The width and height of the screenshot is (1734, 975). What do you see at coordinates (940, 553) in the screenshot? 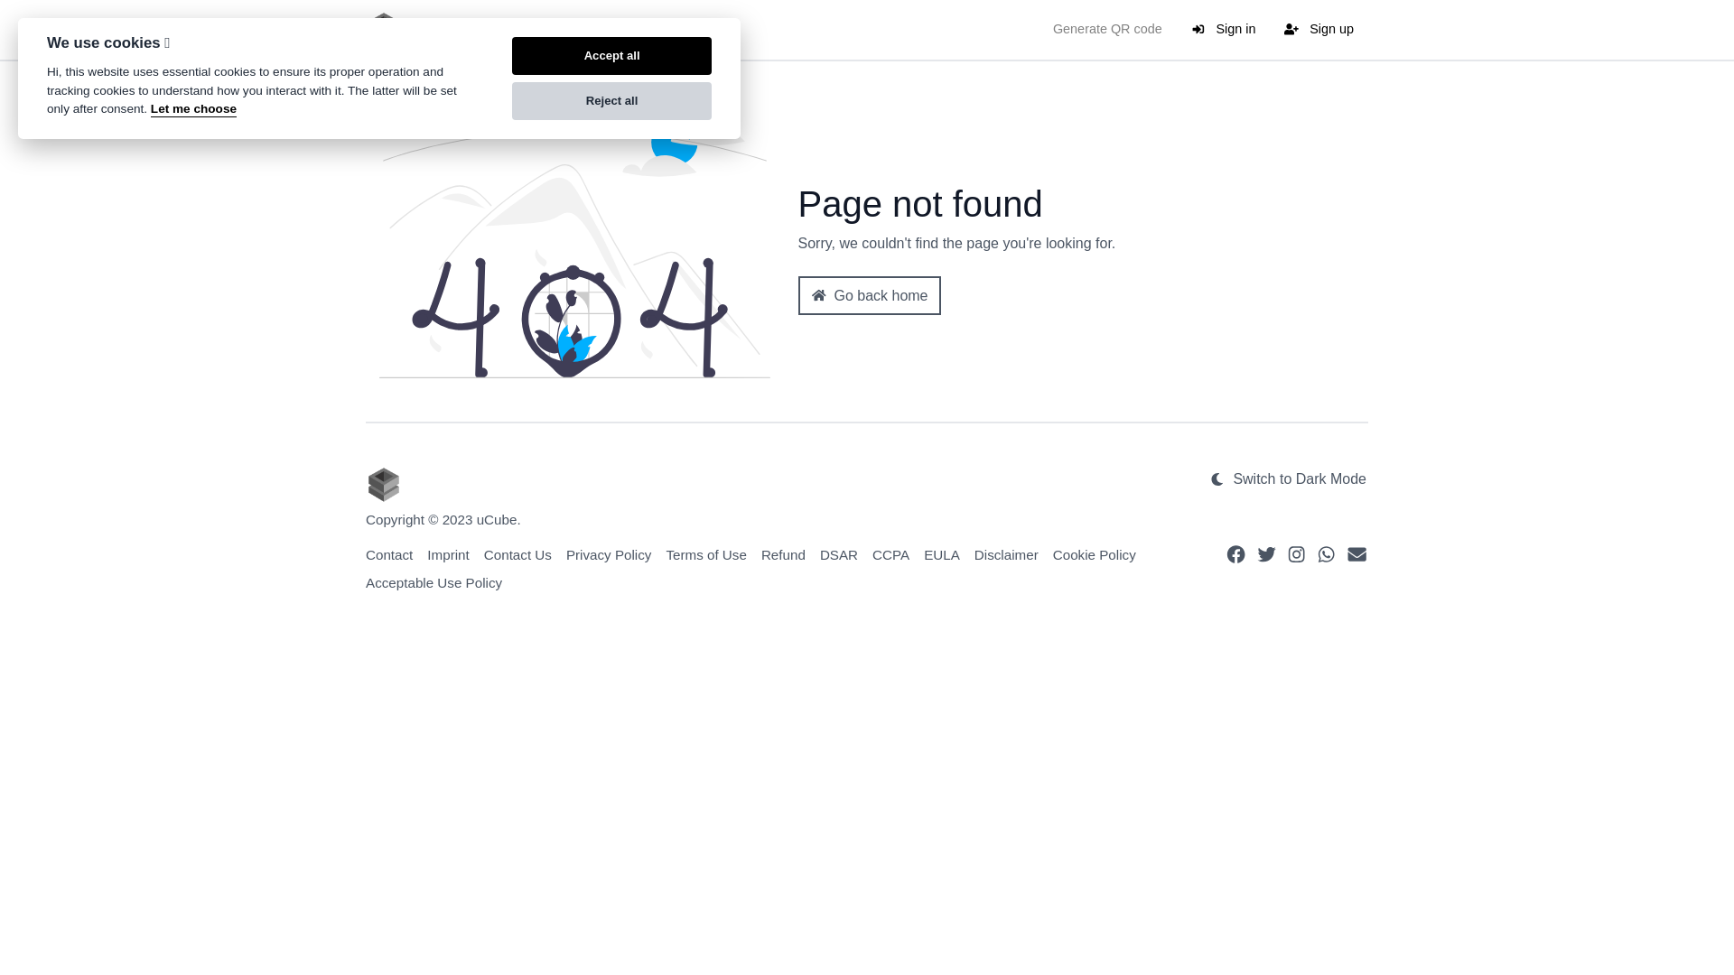
I see `'EULA'` at bounding box center [940, 553].